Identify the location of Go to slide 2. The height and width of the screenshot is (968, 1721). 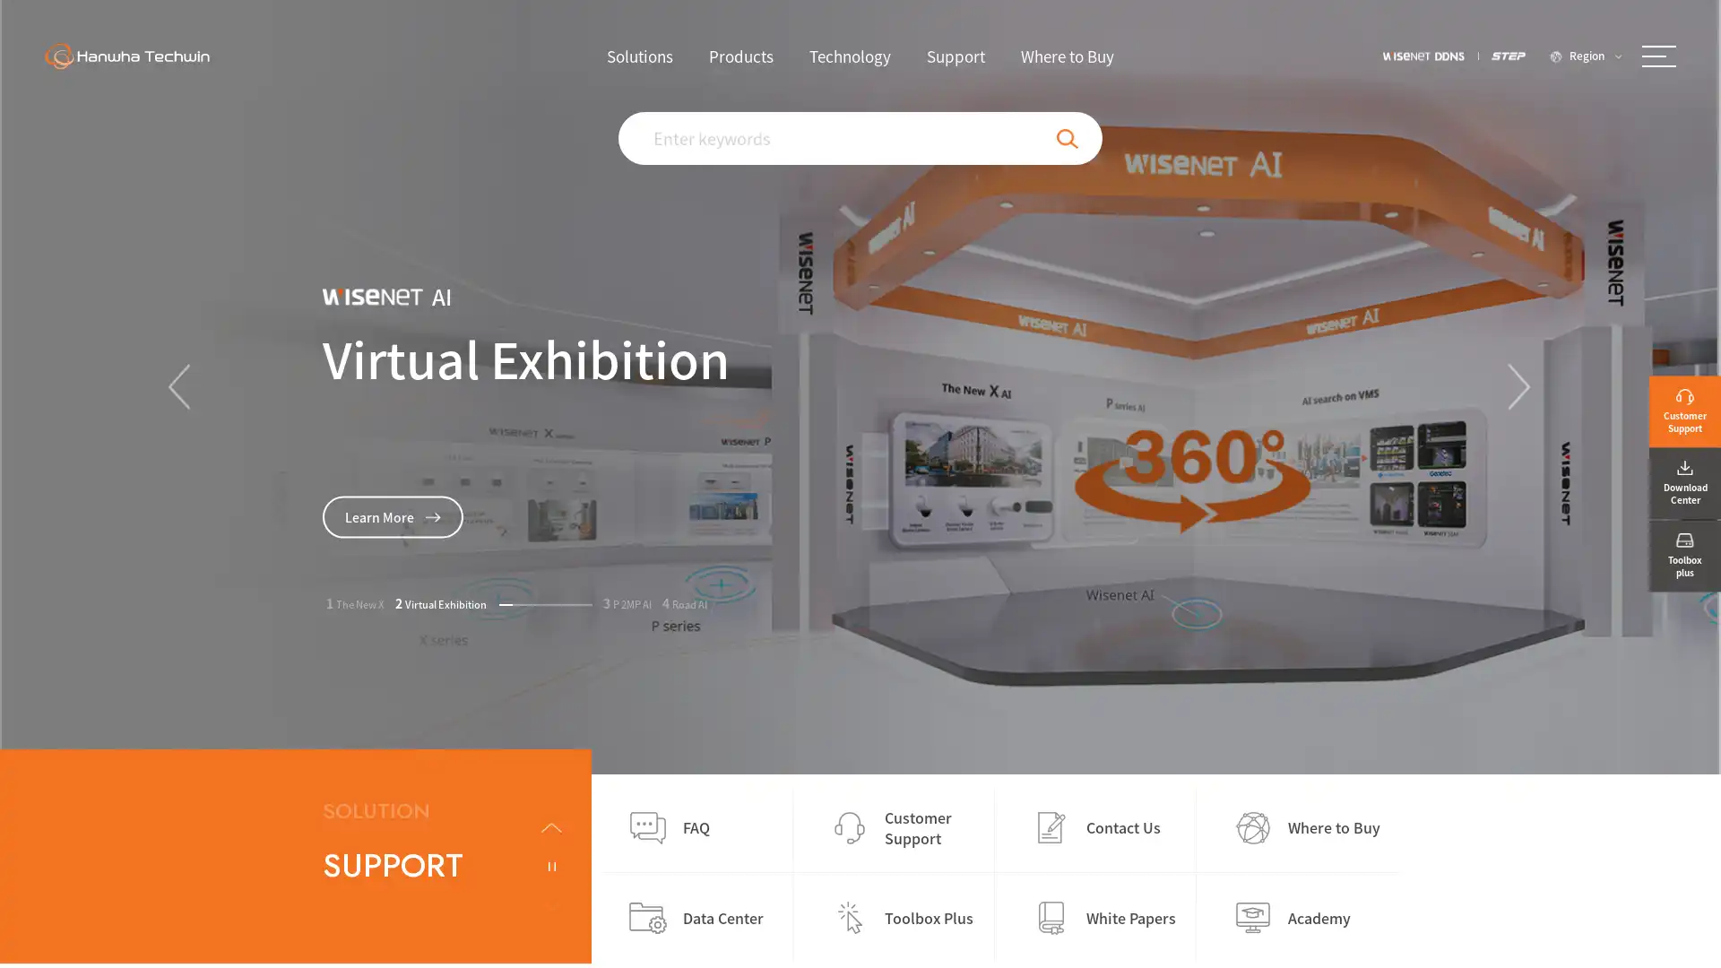
(493, 604).